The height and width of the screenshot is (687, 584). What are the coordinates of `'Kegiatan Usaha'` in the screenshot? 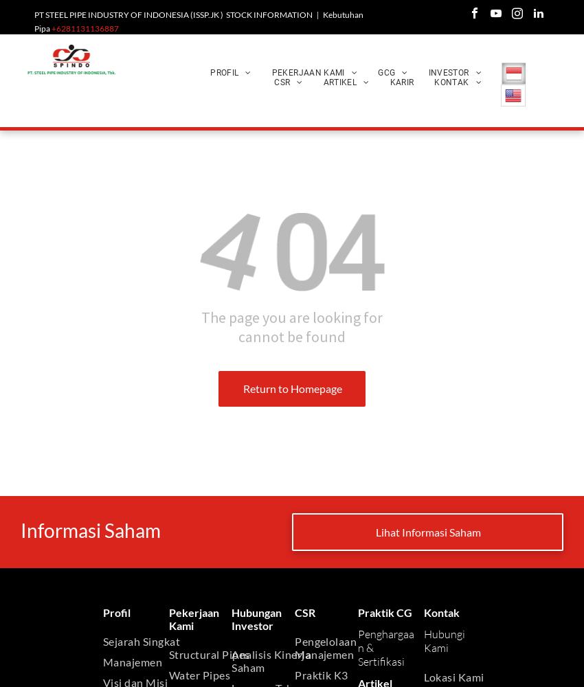 It's located at (251, 271).